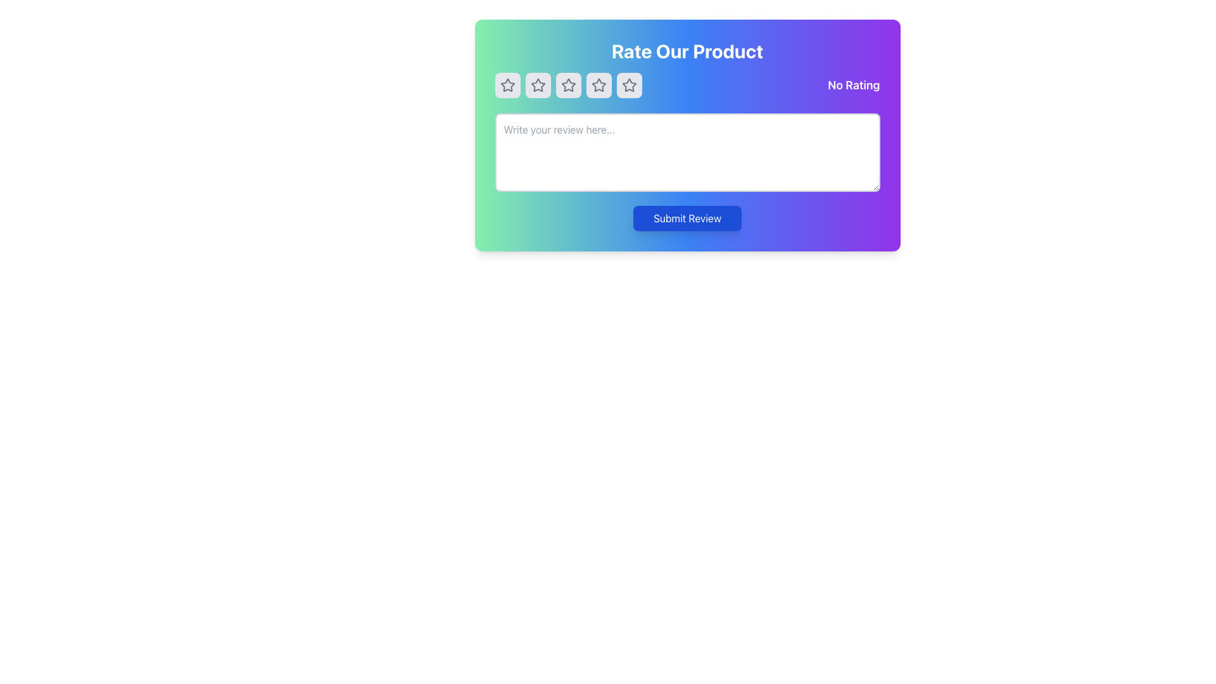 The height and width of the screenshot is (684, 1216). I want to click on the star icon button, which is the third in a horizontal series of five icons in the 'Rate Our Product' section, so click(567, 85).